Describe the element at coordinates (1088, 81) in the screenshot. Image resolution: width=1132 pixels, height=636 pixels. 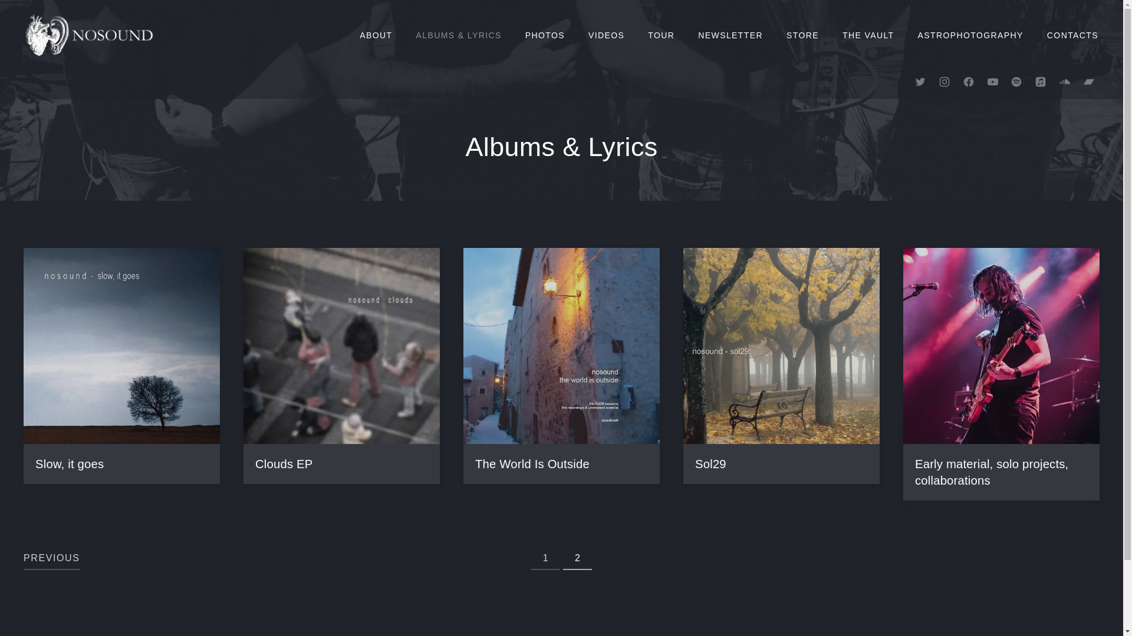
I see `'New Window'` at that location.